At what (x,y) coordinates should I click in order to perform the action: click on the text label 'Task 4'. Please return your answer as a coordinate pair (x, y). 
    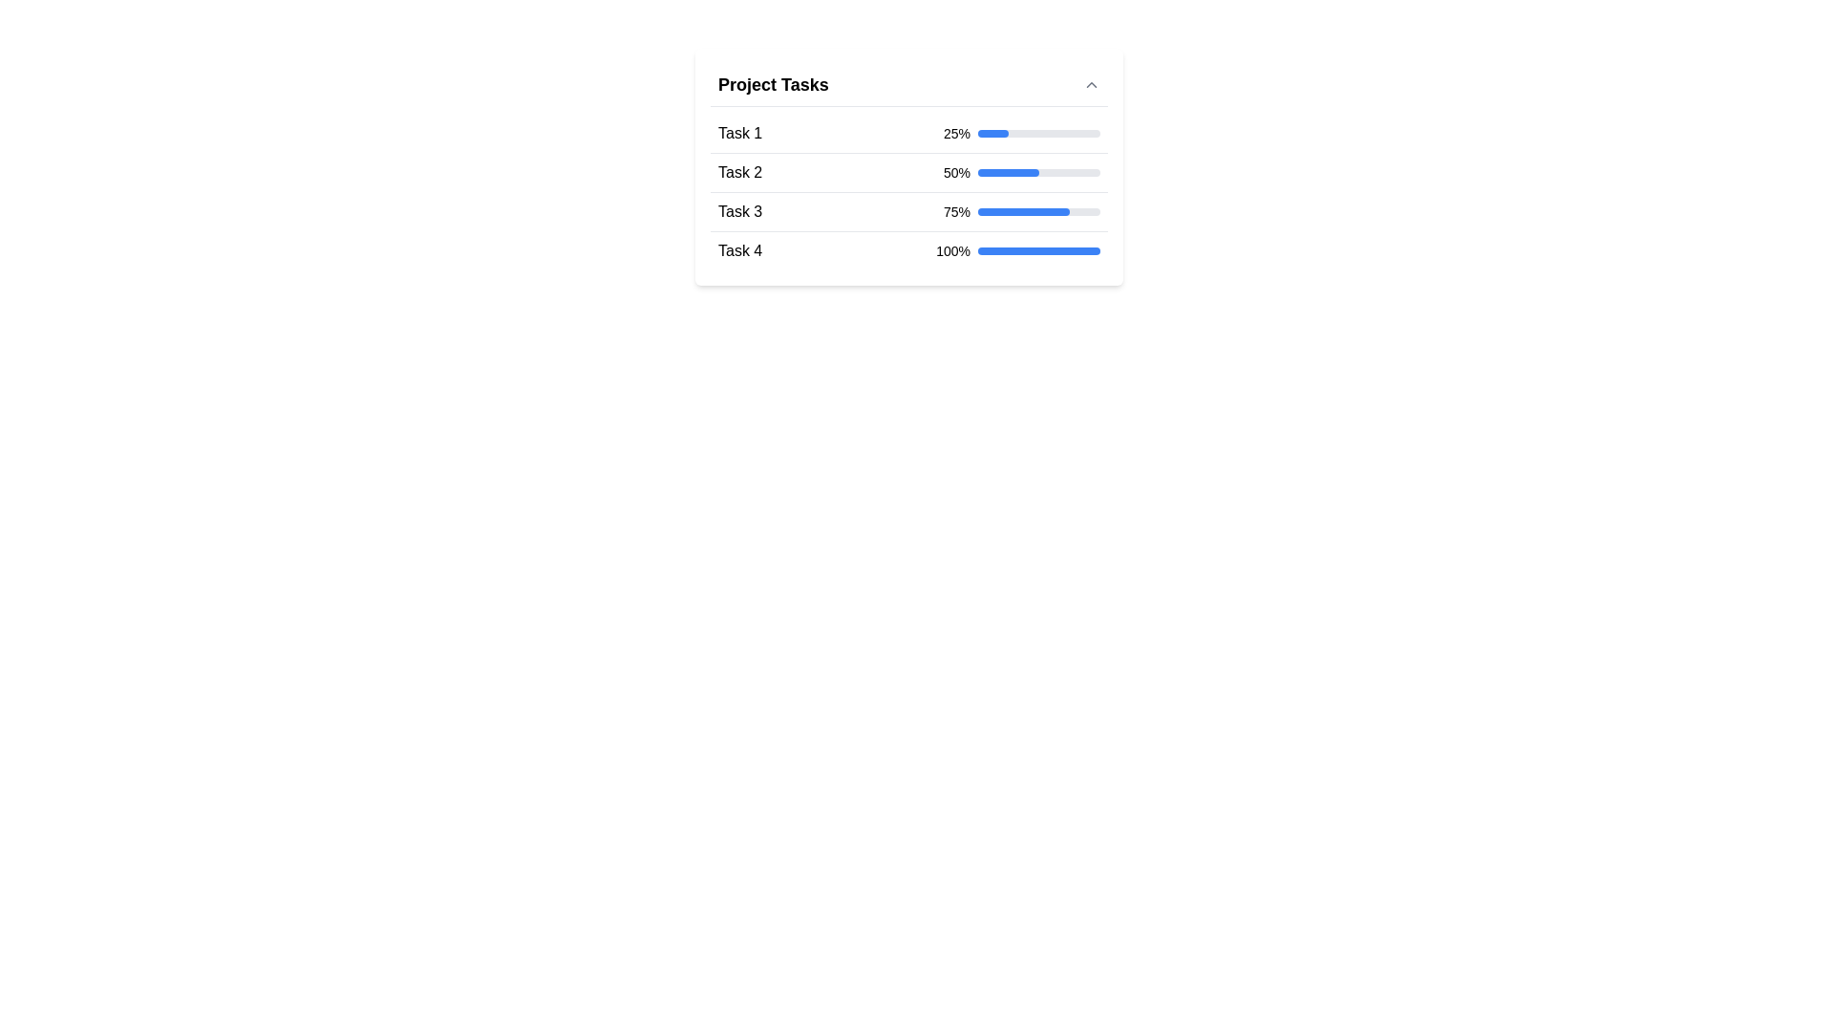
    Looking at the image, I should click on (739, 249).